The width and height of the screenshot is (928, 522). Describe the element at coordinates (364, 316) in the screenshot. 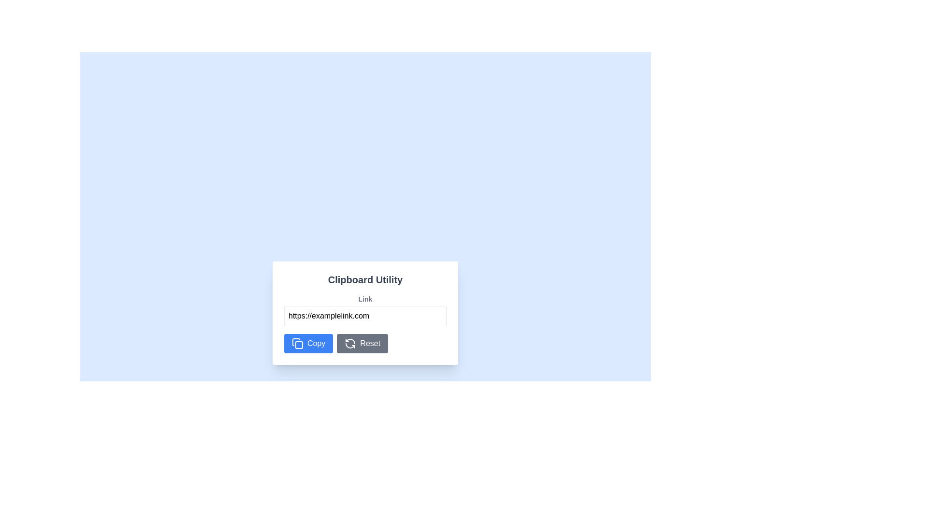

I see `on the text input field for the URL located below the 'Link' label in the 'Clipboard Utility' card` at that location.